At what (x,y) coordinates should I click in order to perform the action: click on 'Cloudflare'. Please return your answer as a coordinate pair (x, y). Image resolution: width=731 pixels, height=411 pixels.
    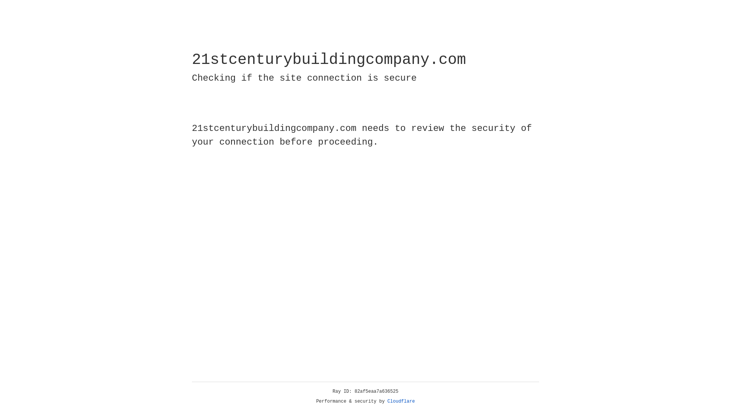
    Looking at the image, I should click on (401, 401).